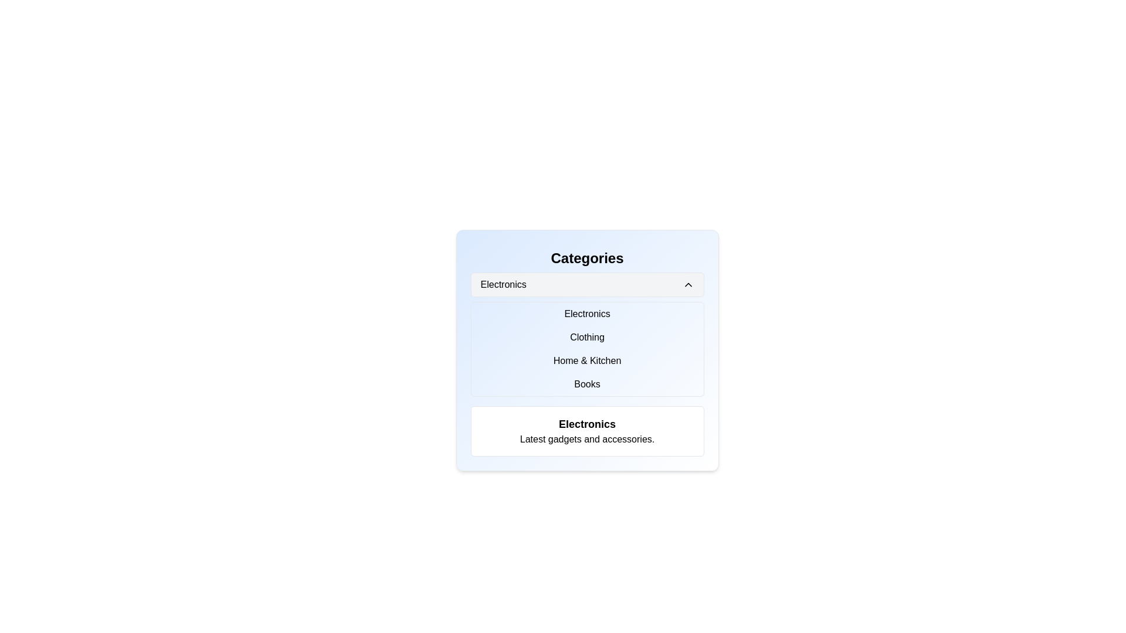 This screenshot has height=633, width=1126. Describe the element at coordinates (587, 360) in the screenshot. I see `the 'Home & Kitchen' button, which is the third button in a list of four buttons, located below the 'Clothing' button and above the 'Books' button` at that location.